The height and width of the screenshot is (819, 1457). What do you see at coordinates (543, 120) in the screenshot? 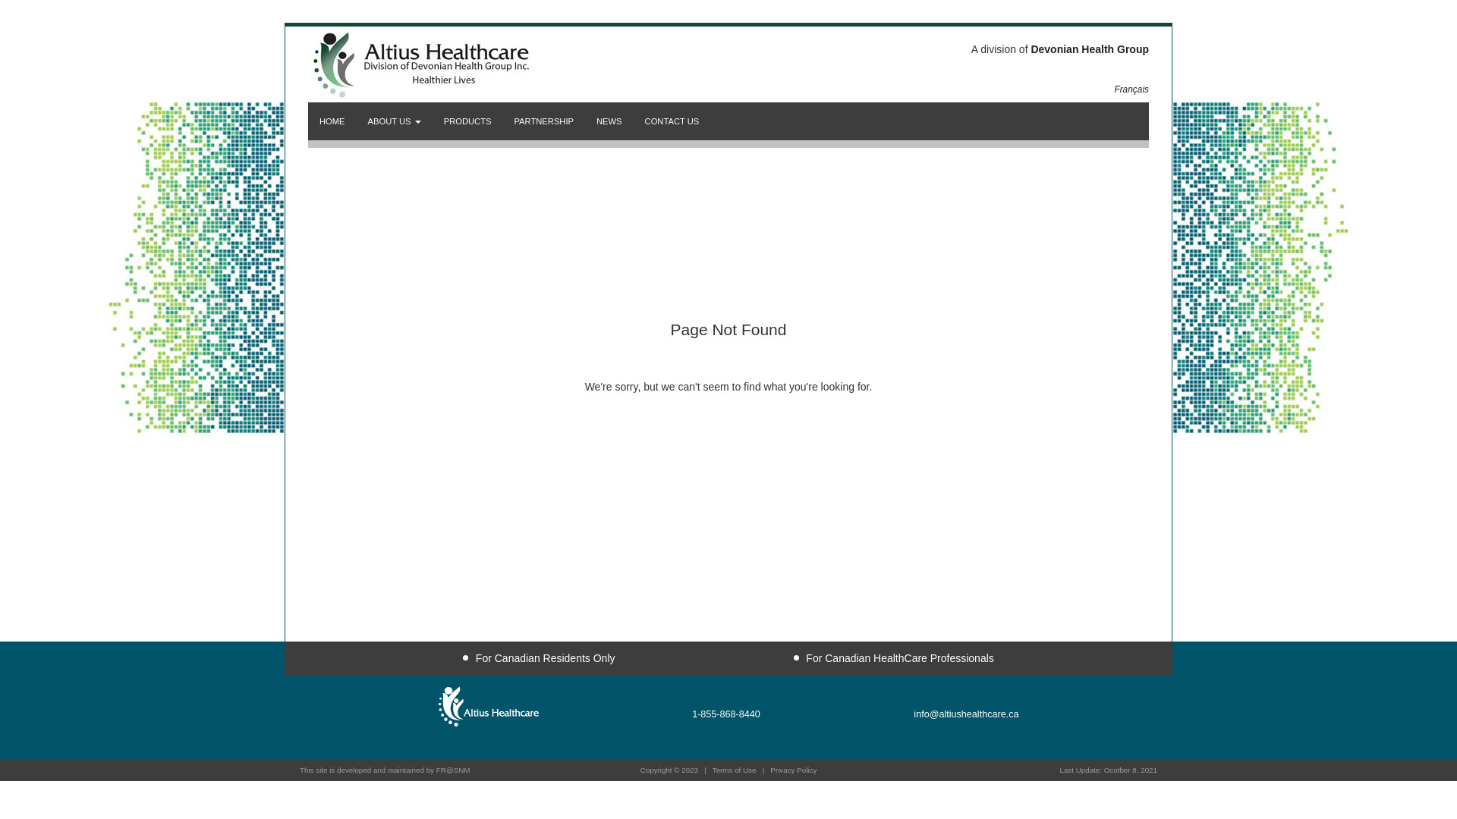
I see `'PARTNERSHIP'` at bounding box center [543, 120].